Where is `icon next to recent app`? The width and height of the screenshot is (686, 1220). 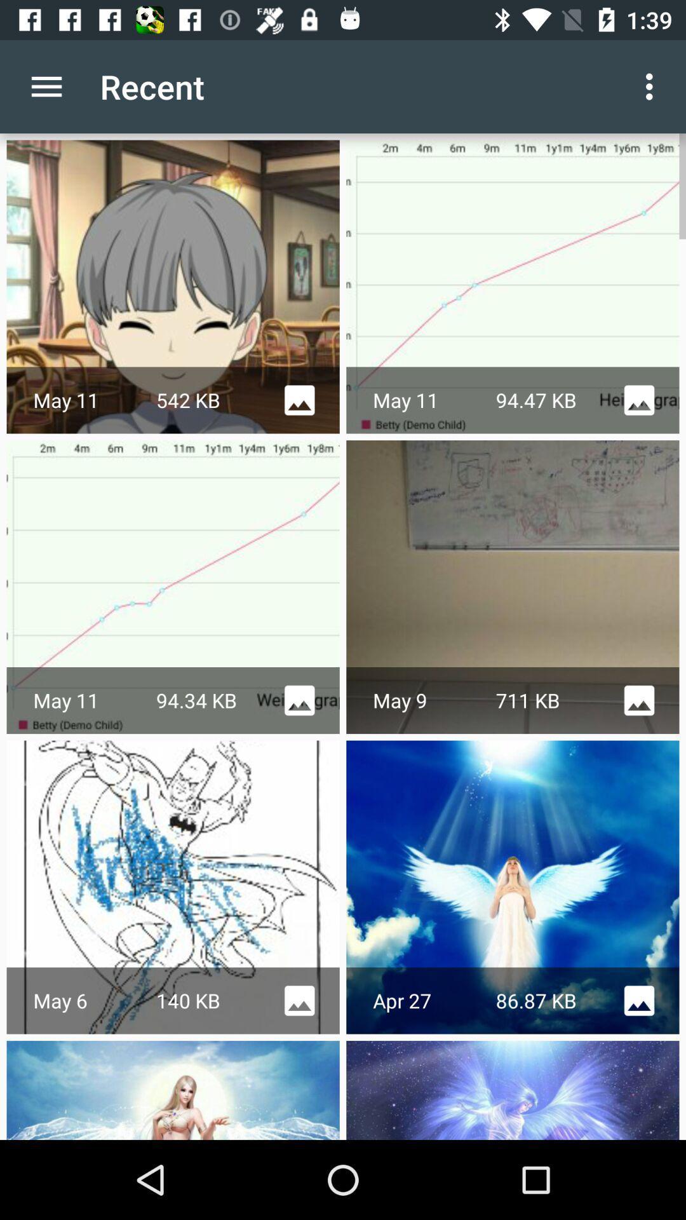 icon next to recent app is located at coordinates (652, 86).